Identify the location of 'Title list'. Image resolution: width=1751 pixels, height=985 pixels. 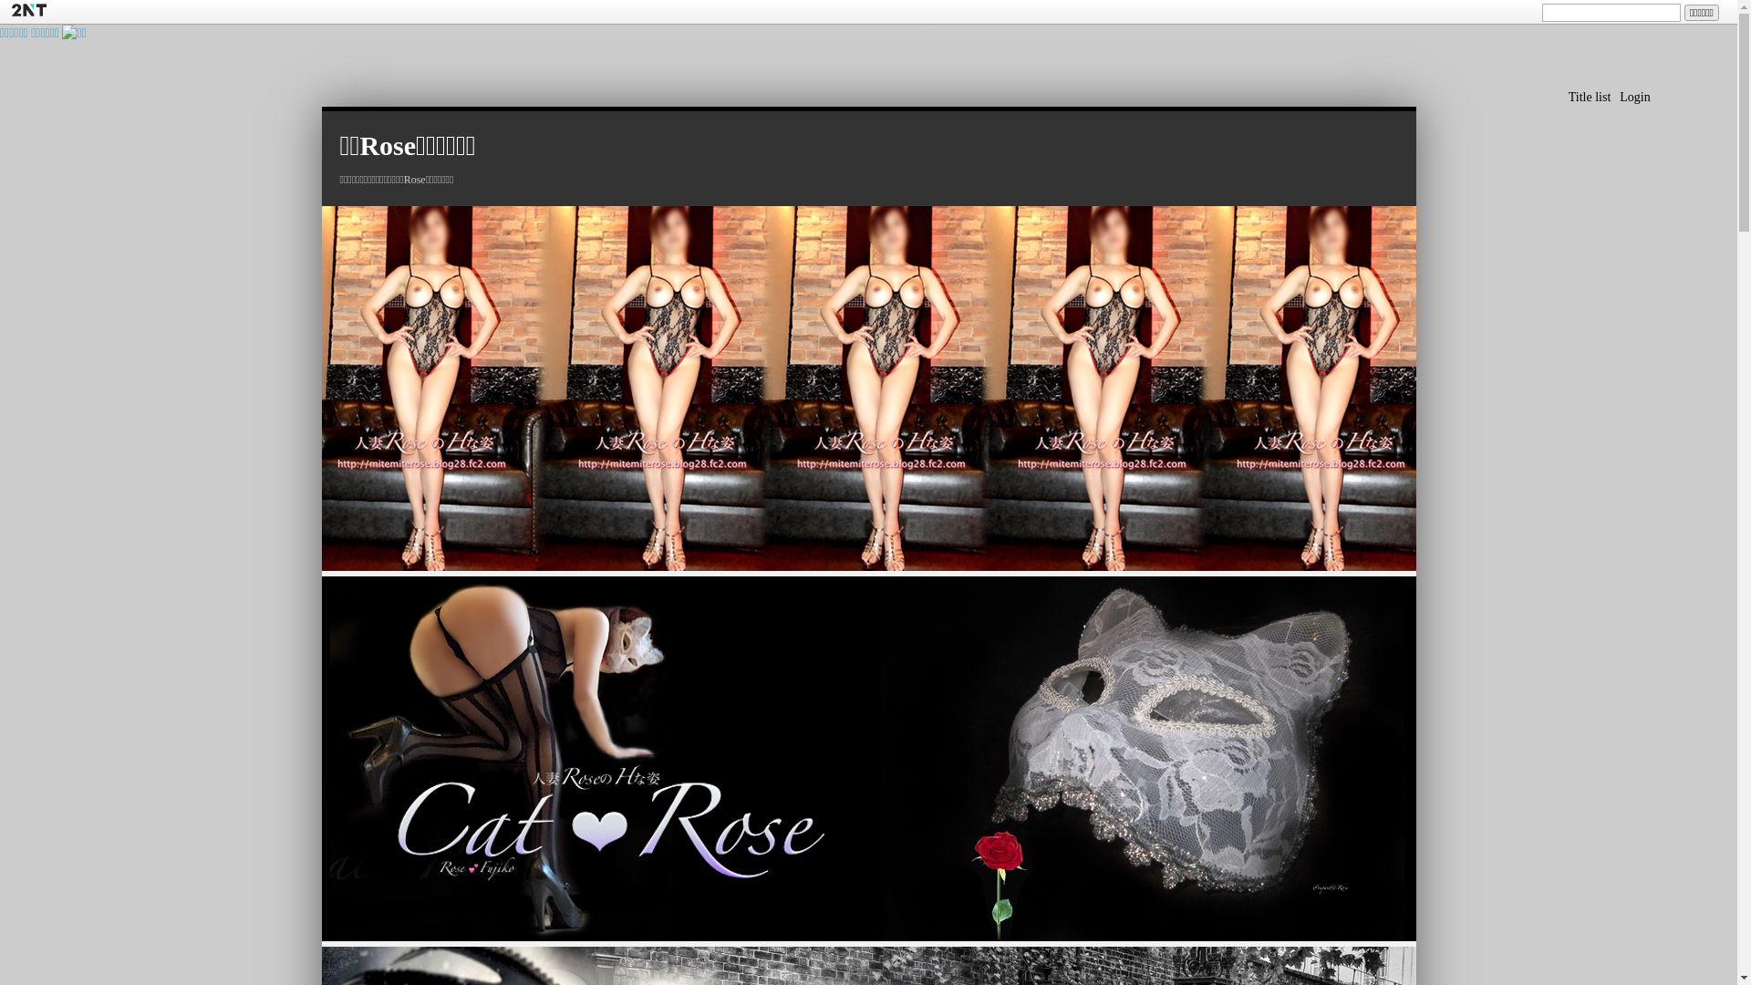
(1567, 97).